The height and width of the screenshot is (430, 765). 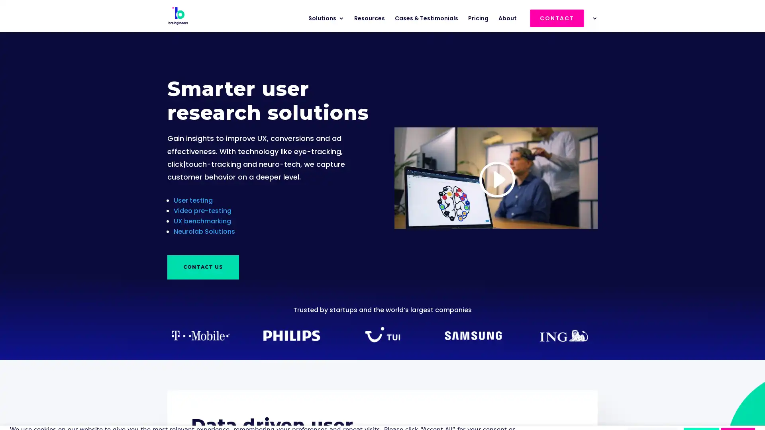 What do you see at coordinates (587, 210) in the screenshot?
I see `show more media controls` at bounding box center [587, 210].